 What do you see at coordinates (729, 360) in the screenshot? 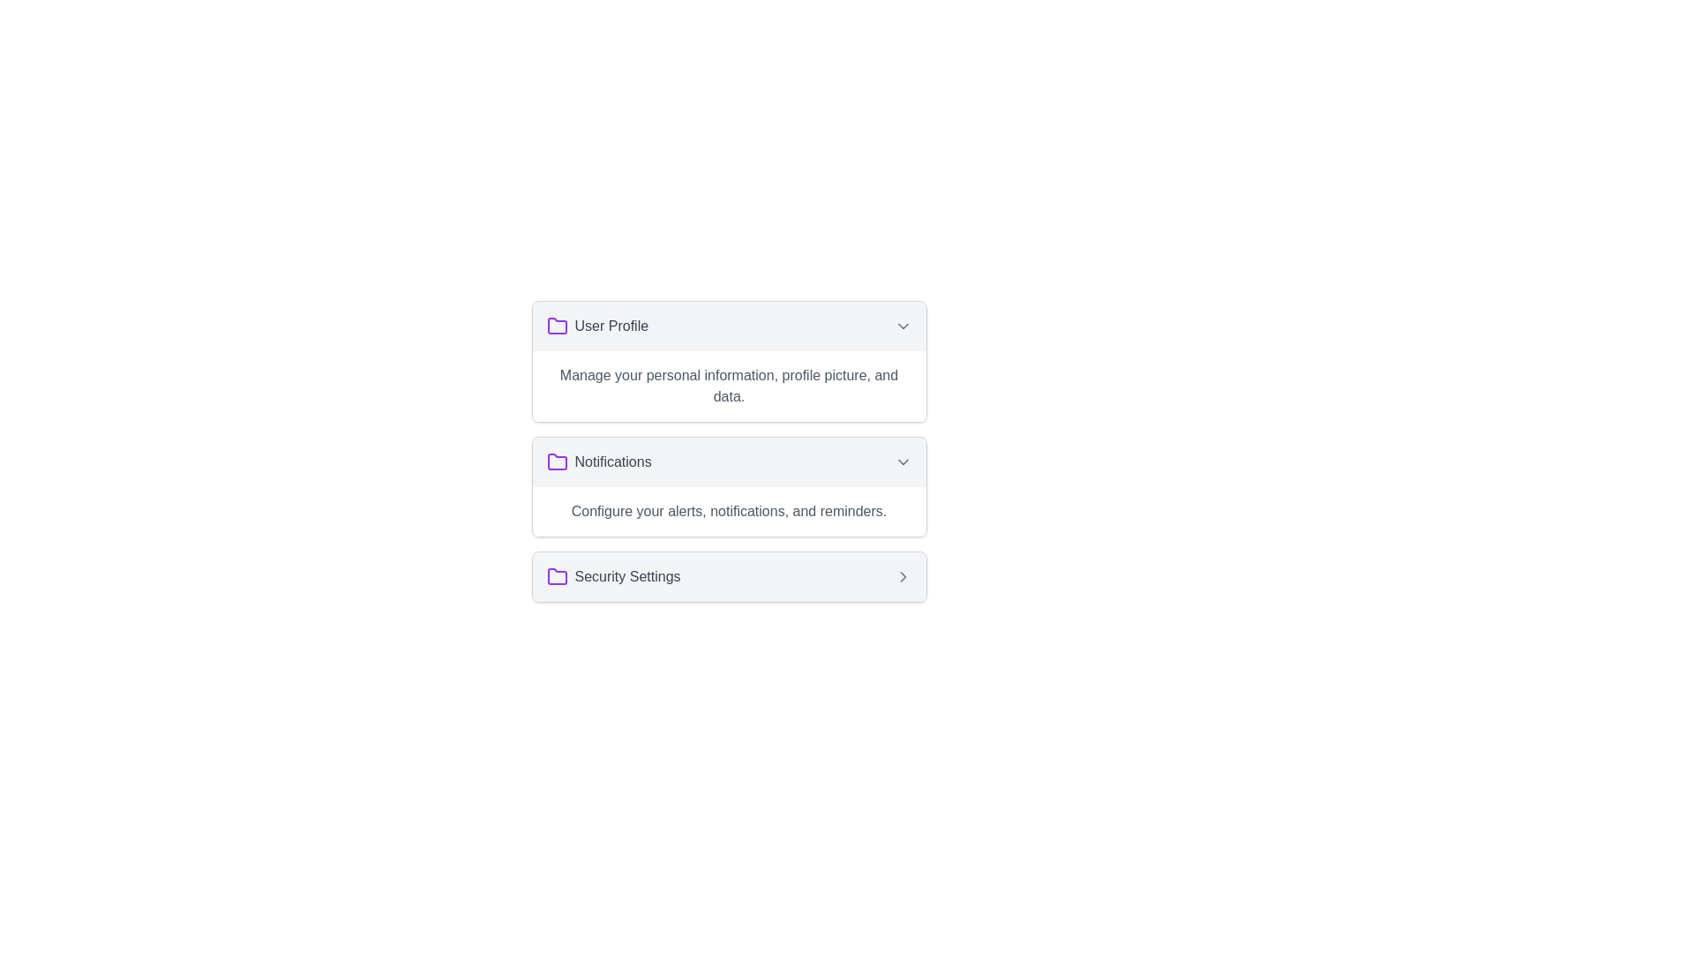
I see `the first card in the 'User Profile' section` at bounding box center [729, 360].